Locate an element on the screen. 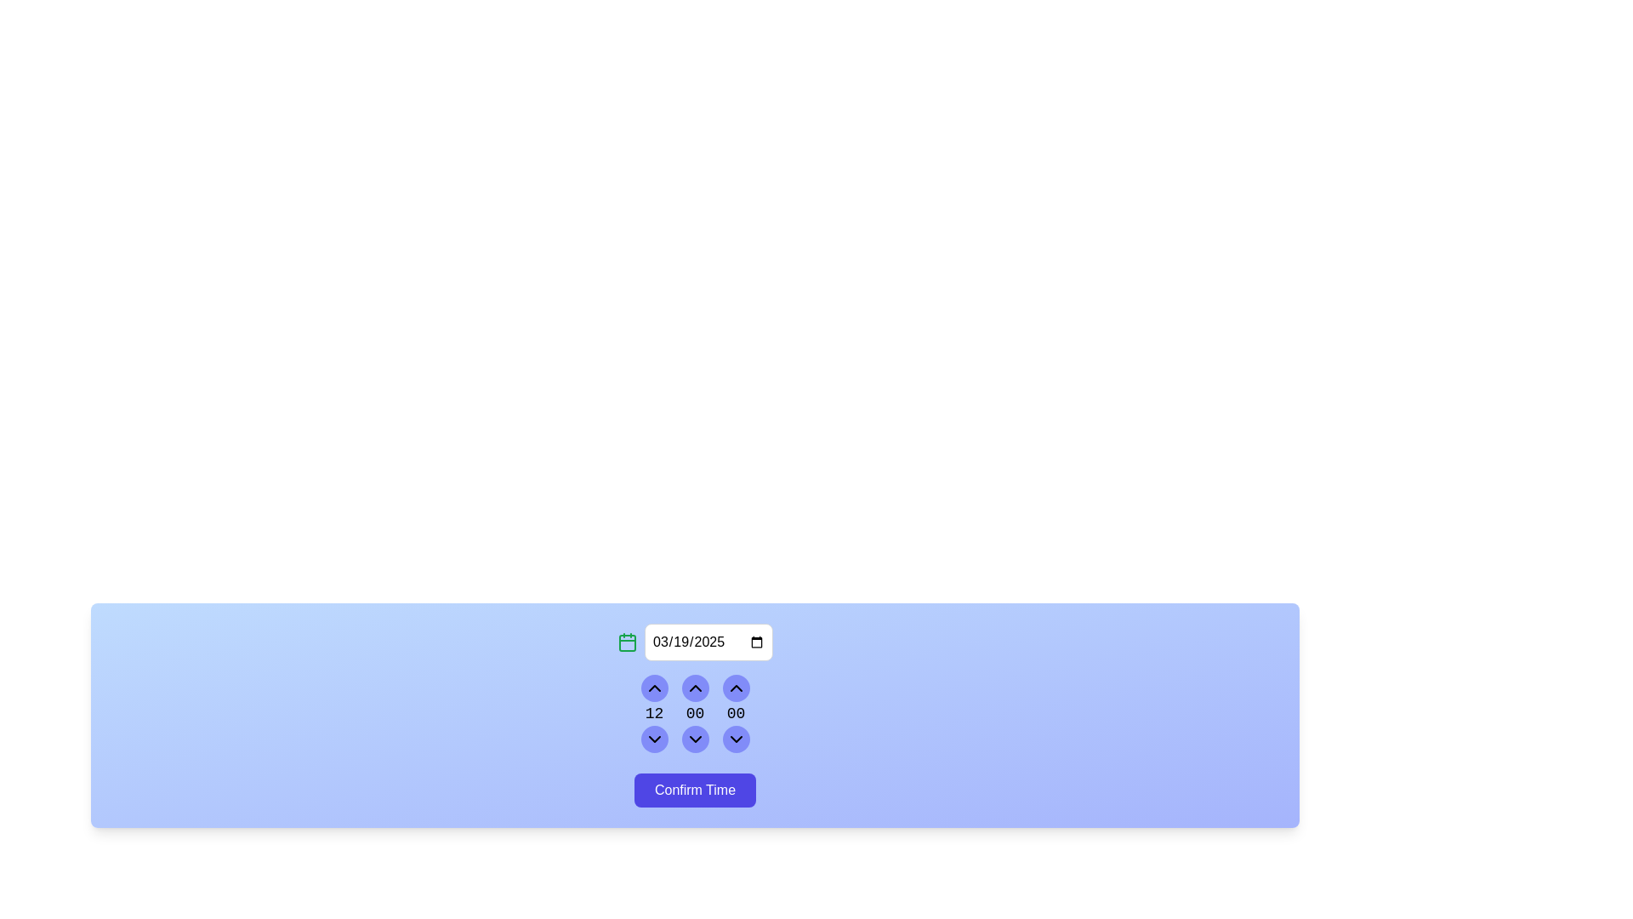  the non-interactive calendar icon element located on the left side of the date input field labeled '03/19/2025' is located at coordinates (627, 643).